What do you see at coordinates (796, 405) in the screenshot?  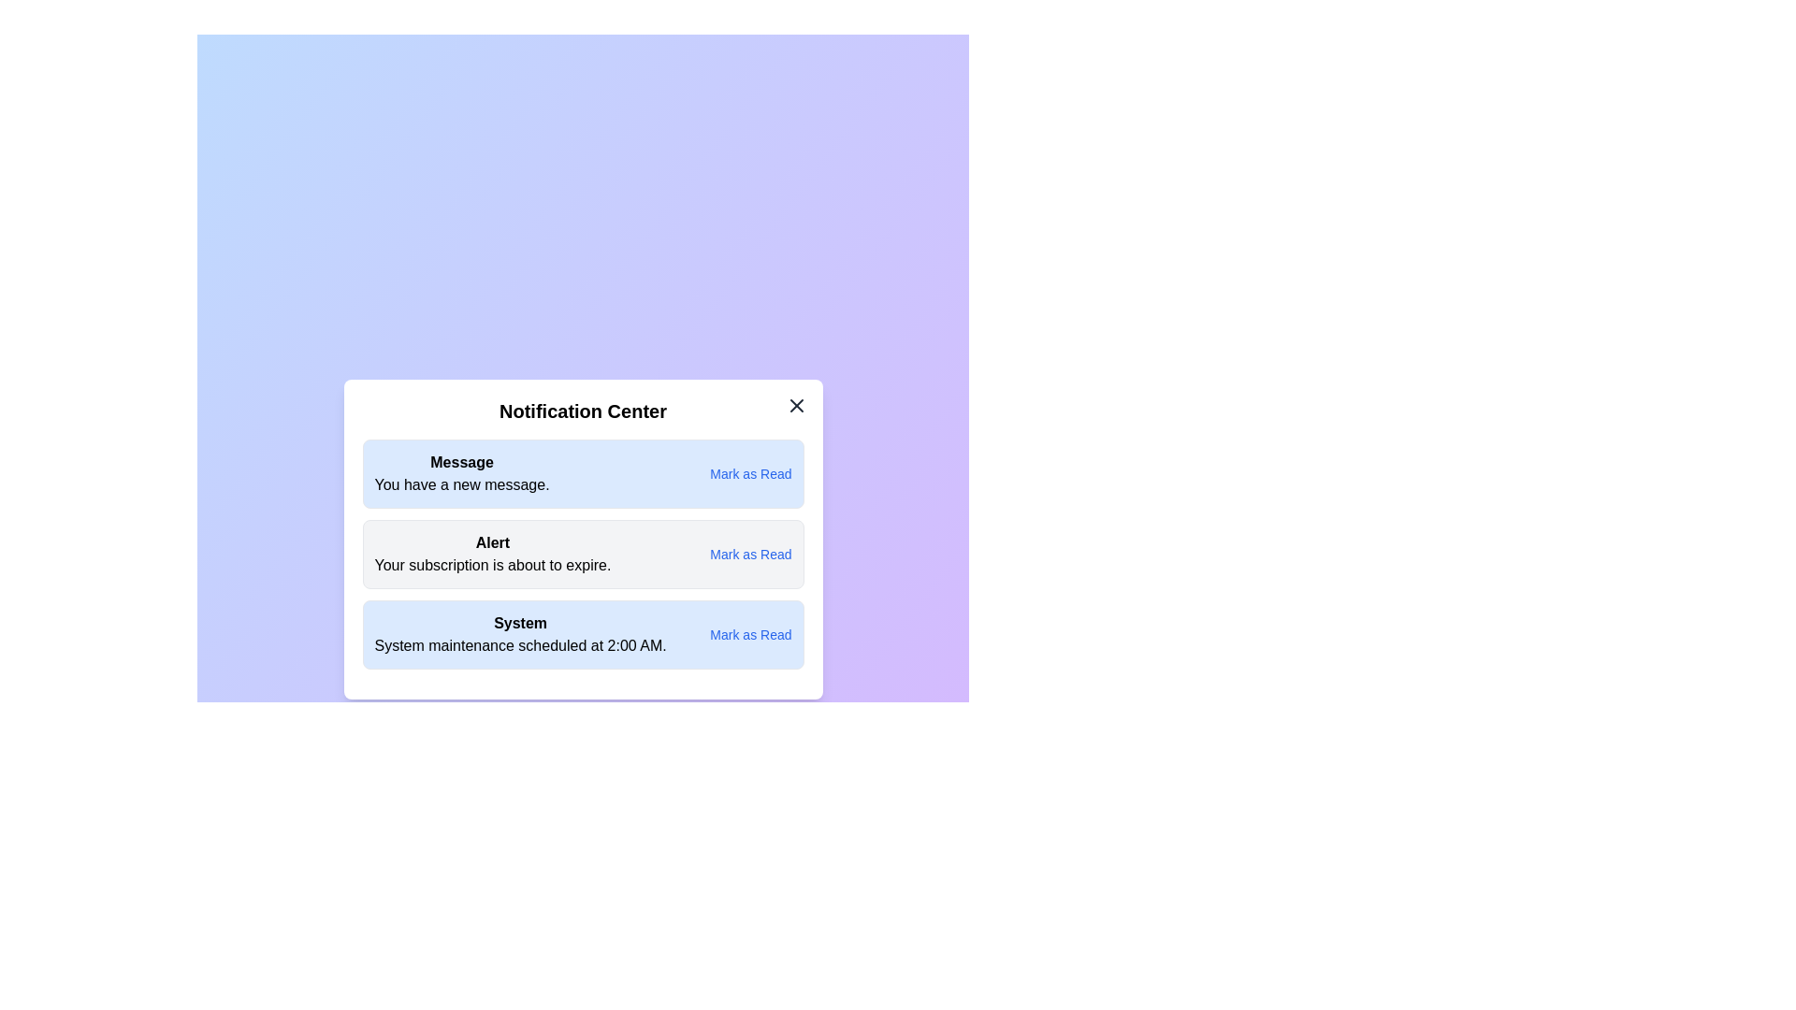 I see `close button at the top-right corner of the Notification Center` at bounding box center [796, 405].